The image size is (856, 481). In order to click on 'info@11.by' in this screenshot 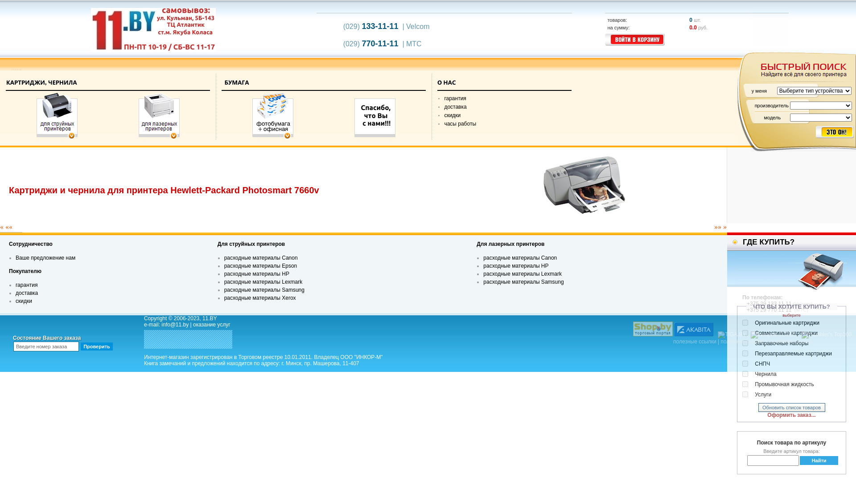, I will do `click(161, 325)`.